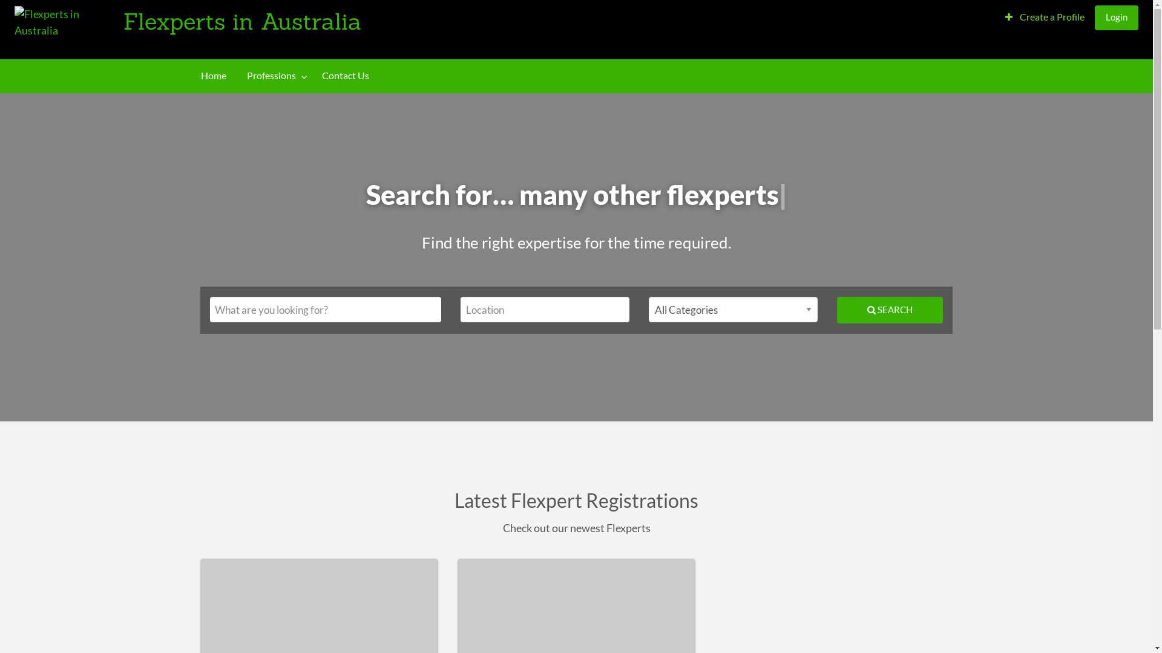  What do you see at coordinates (242, 21) in the screenshot?
I see `'Flexperts in Australia'` at bounding box center [242, 21].